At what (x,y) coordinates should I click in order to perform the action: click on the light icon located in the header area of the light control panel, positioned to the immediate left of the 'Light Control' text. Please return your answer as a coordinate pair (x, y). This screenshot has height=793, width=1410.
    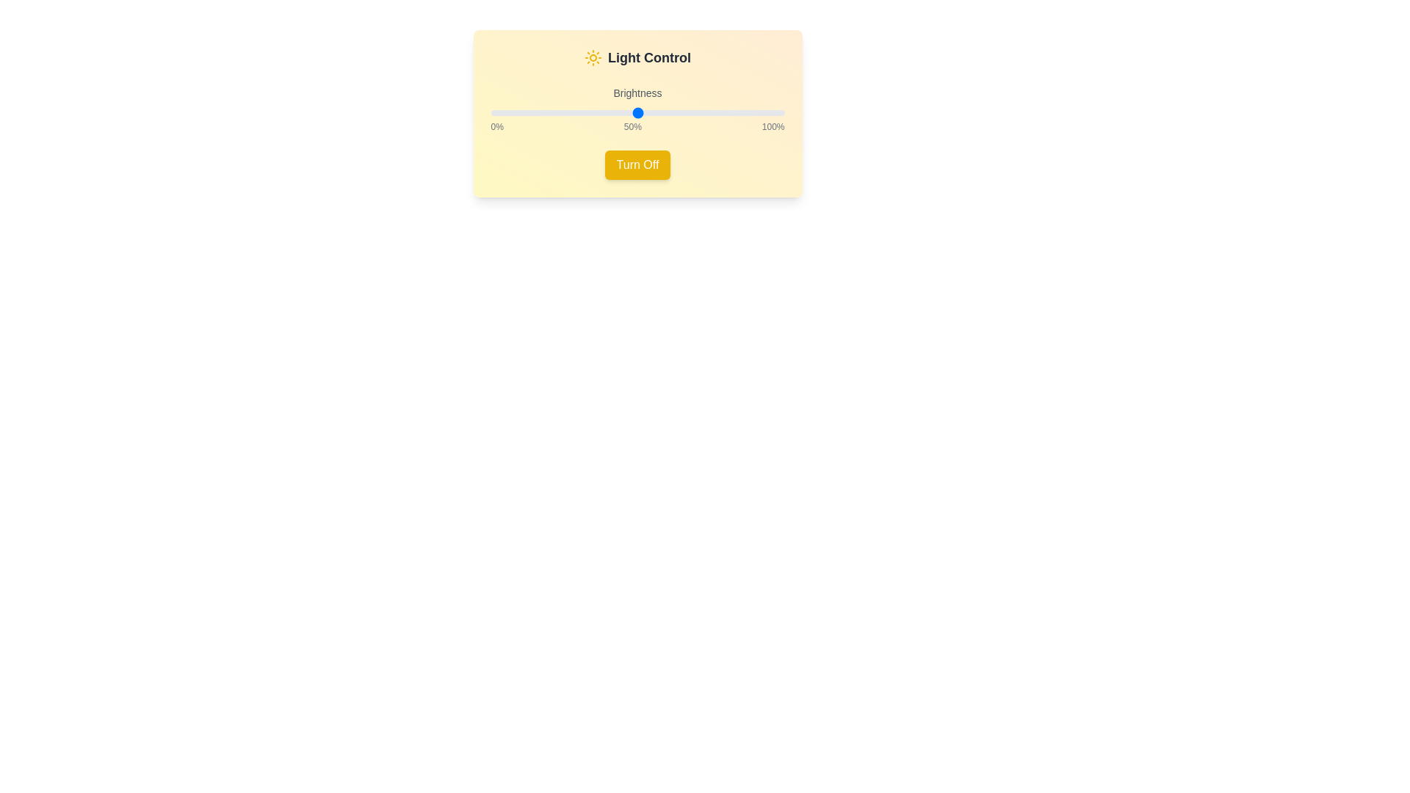
    Looking at the image, I should click on (593, 57).